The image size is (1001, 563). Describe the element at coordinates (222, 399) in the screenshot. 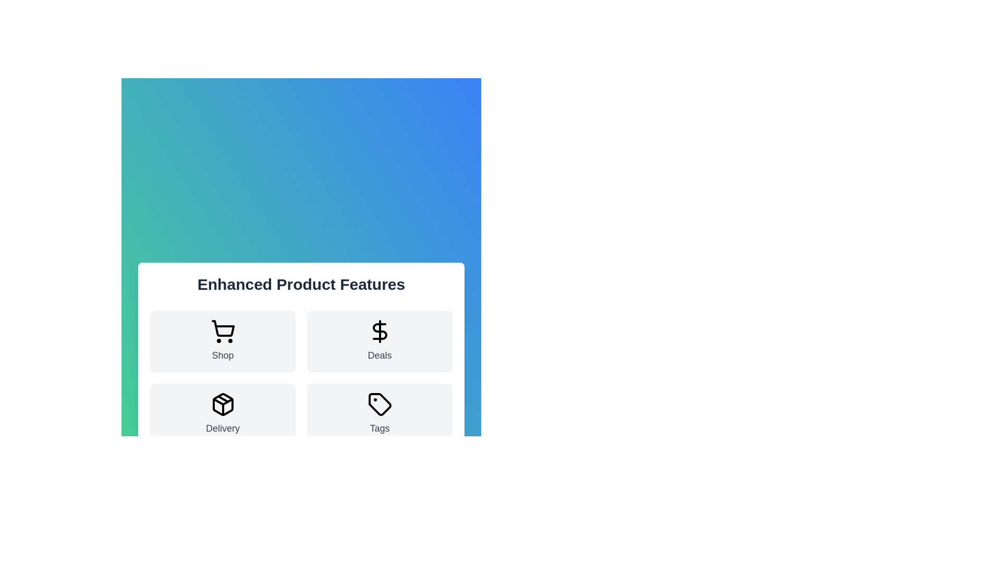

I see `the vector graphic component that represents a line segment in the bottom-left section of the four-icon grid under 'Enhanced Product Features'` at that location.